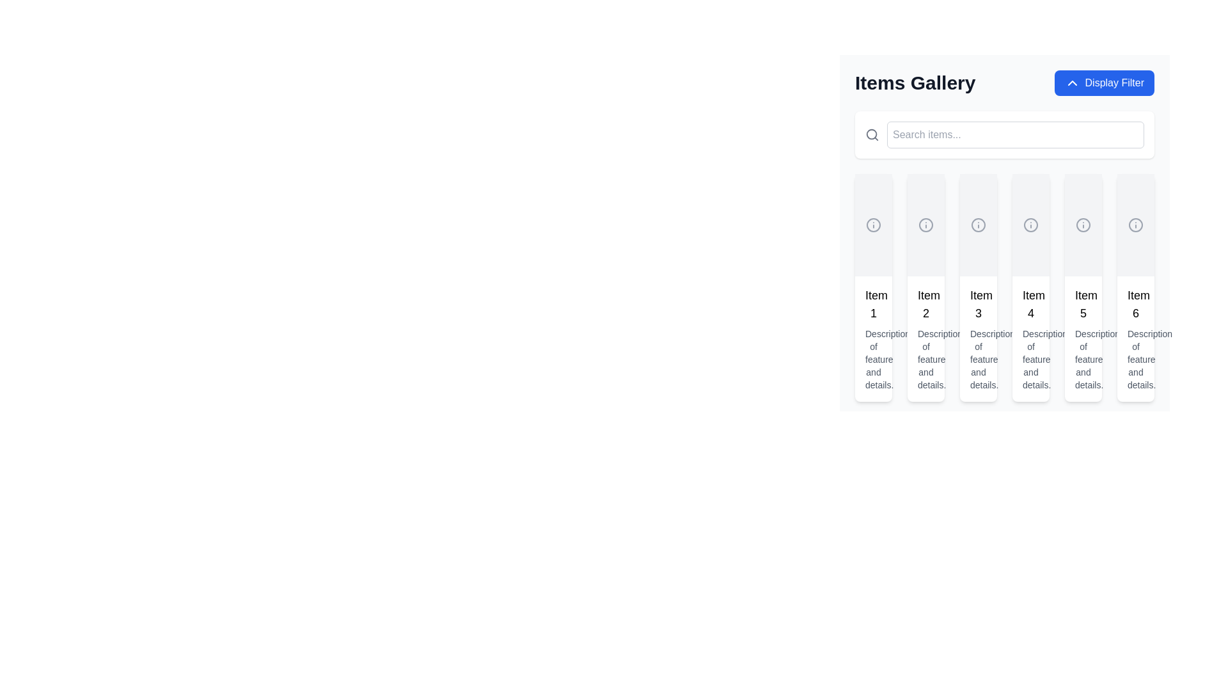 This screenshot has width=1228, height=691. Describe the element at coordinates (873, 288) in the screenshot. I see `the first card in the gallery located at the top left of the grid` at that location.